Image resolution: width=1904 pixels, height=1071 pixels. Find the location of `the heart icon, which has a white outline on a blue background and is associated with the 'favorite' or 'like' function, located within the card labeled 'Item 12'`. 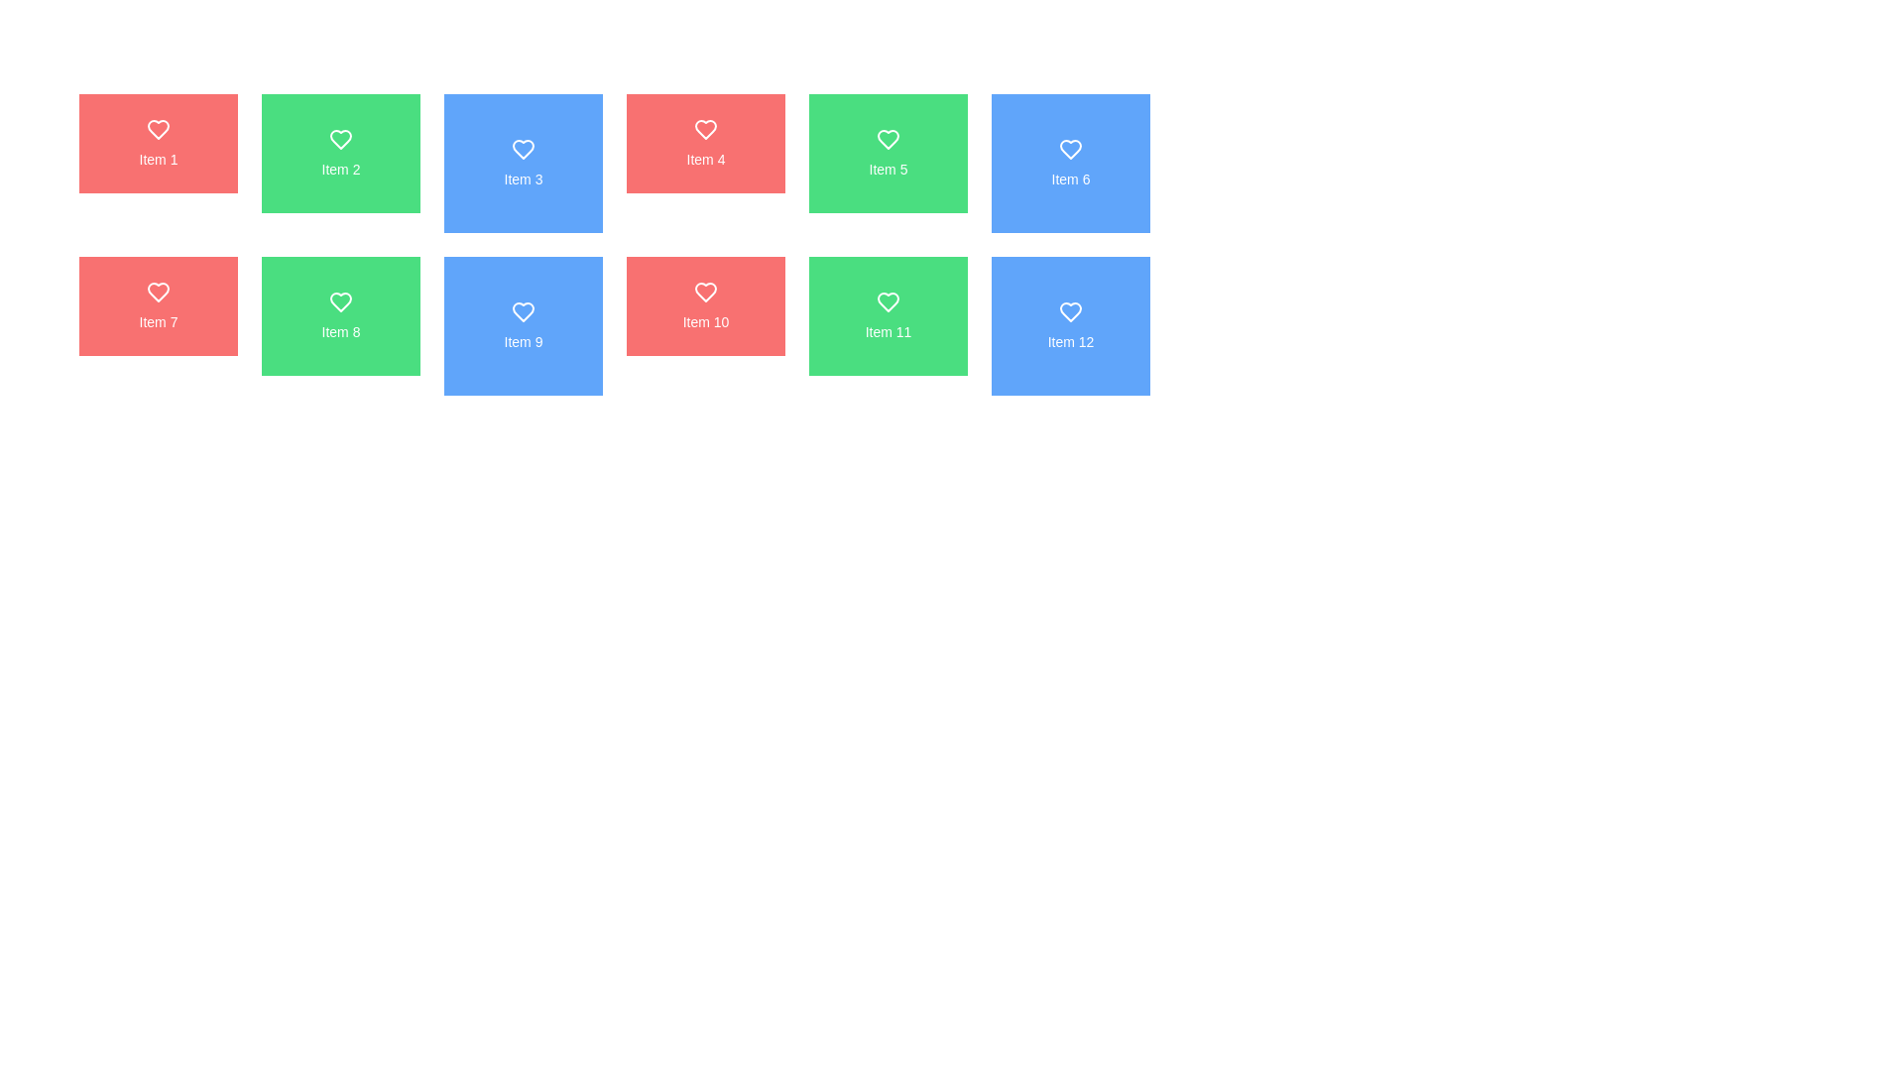

the heart icon, which has a white outline on a blue background and is associated with the 'favorite' or 'like' function, located within the card labeled 'Item 12' is located at coordinates (1070, 312).